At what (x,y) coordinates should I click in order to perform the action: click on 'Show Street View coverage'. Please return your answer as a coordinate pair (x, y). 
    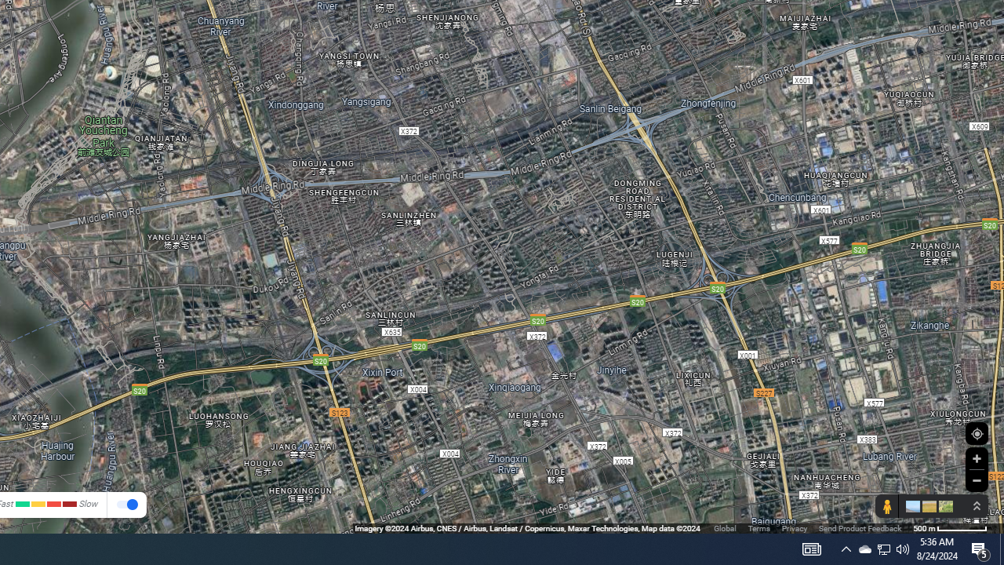
    Looking at the image, I should click on (886, 506).